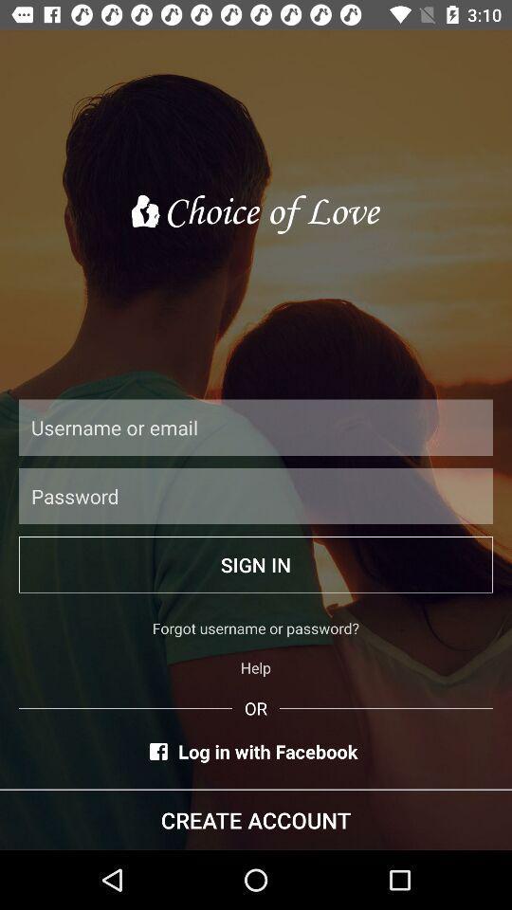  What do you see at coordinates (256, 564) in the screenshot?
I see `item above forgot username or icon` at bounding box center [256, 564].